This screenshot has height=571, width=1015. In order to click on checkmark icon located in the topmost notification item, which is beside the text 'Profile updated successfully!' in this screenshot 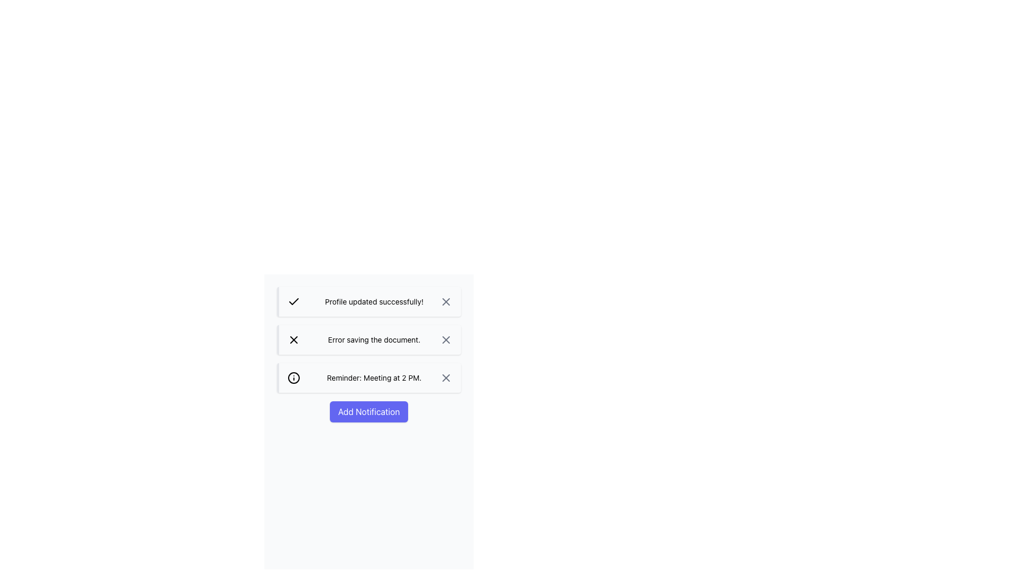, I will do `click(294, 301)`.